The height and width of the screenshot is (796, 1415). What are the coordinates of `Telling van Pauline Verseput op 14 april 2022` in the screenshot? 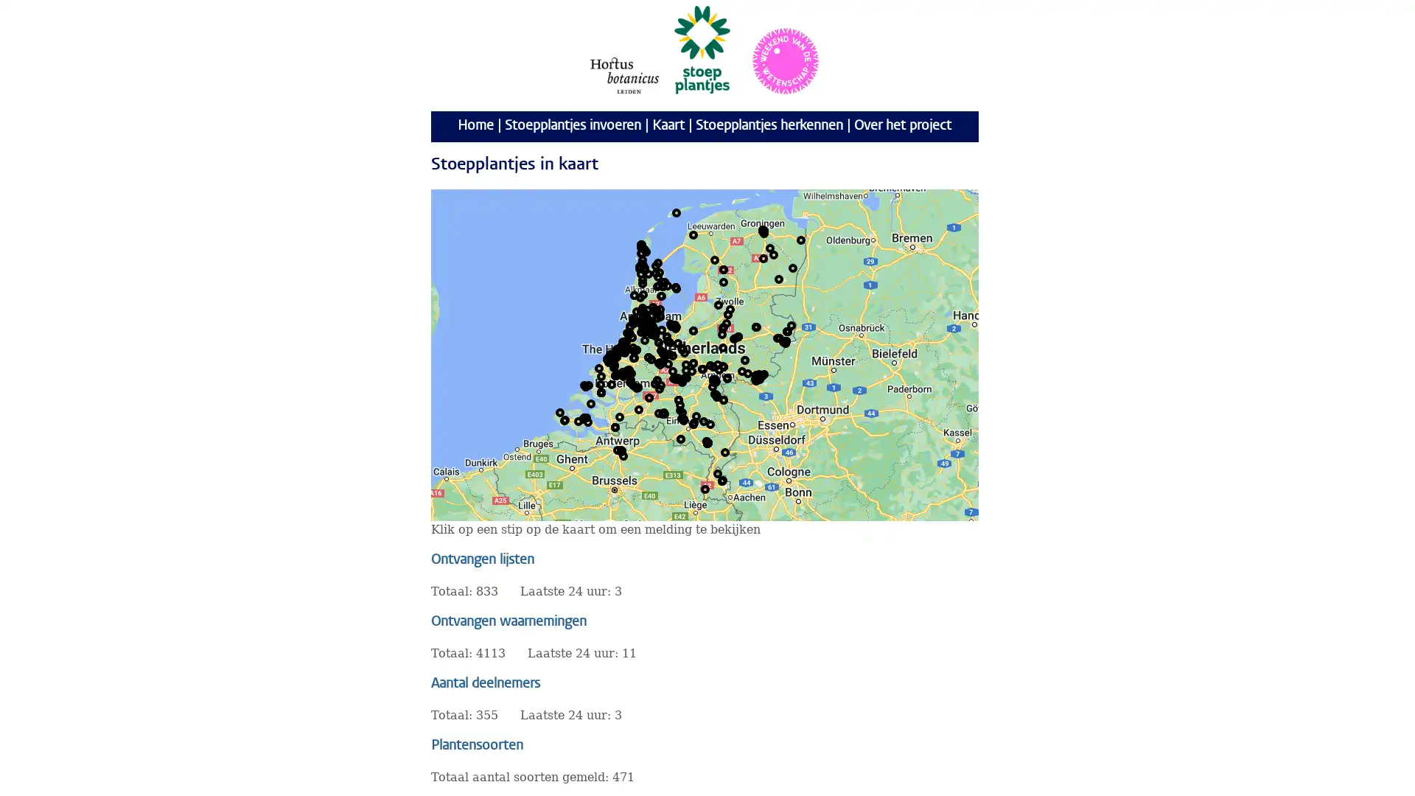 It's located at (650, 324).